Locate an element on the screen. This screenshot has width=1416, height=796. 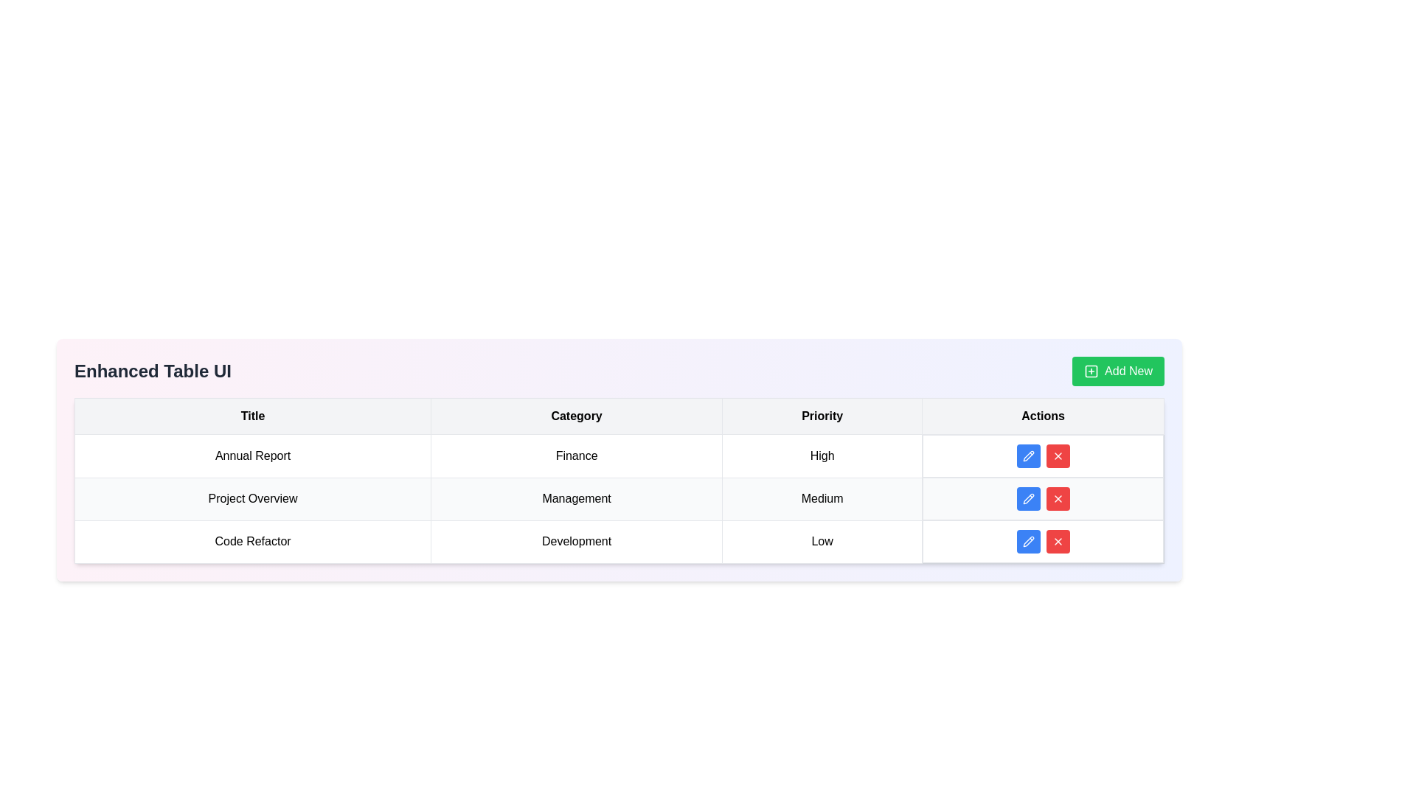
the edit icon in the Actions column of the first row of the data table is located at coordinates (1027, 455).